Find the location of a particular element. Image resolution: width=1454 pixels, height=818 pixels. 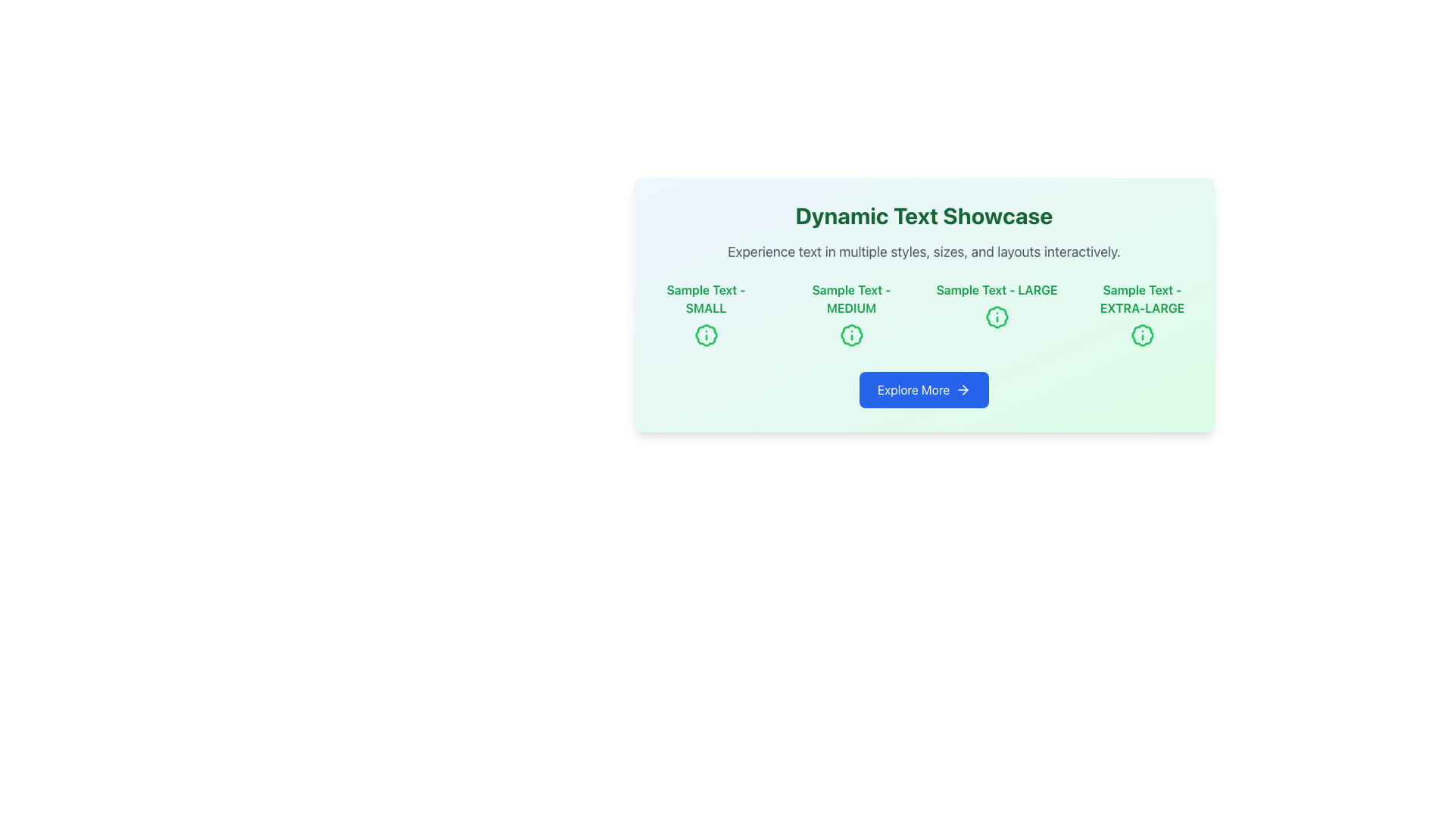

the icon with a circular badge-like design, which has a green outline and is located in the first group labeled 'Sample Text - SMALL' is located at coordinates (705, 335).